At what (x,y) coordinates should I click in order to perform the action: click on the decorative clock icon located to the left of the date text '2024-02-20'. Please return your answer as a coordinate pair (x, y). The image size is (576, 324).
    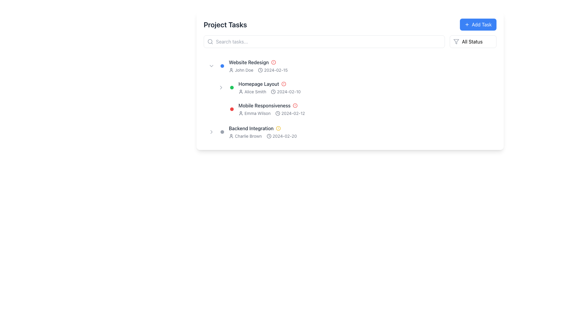
    Looking at the image, I should click on (268, 136).